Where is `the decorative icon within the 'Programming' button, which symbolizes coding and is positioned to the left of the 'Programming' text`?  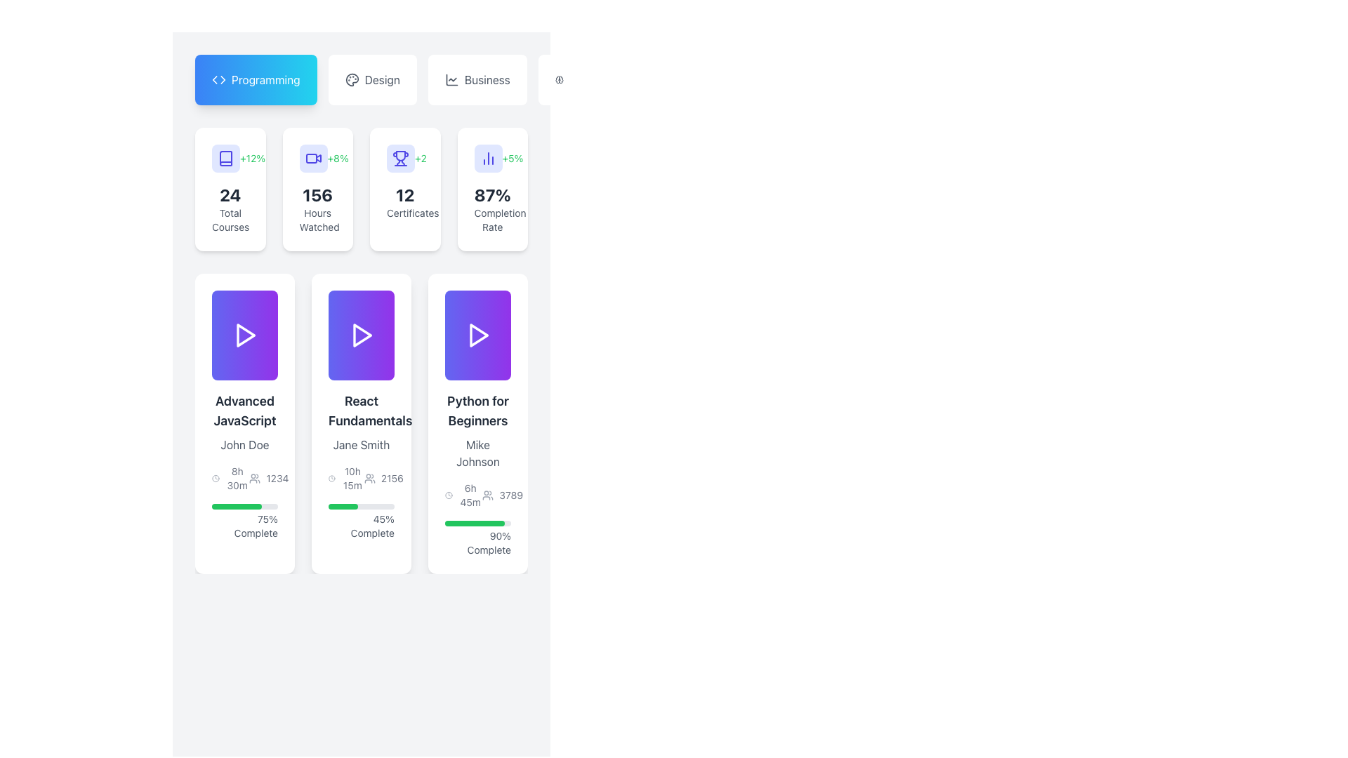 the decorative icon within the 'Programming' button, which symbolizes coding and is positioned to the left of the 'Programming' text is located at coordinates (218, 80).